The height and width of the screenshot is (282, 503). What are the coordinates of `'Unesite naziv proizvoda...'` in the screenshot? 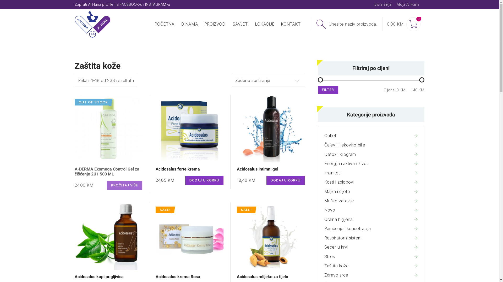 It's located at (347, 24).